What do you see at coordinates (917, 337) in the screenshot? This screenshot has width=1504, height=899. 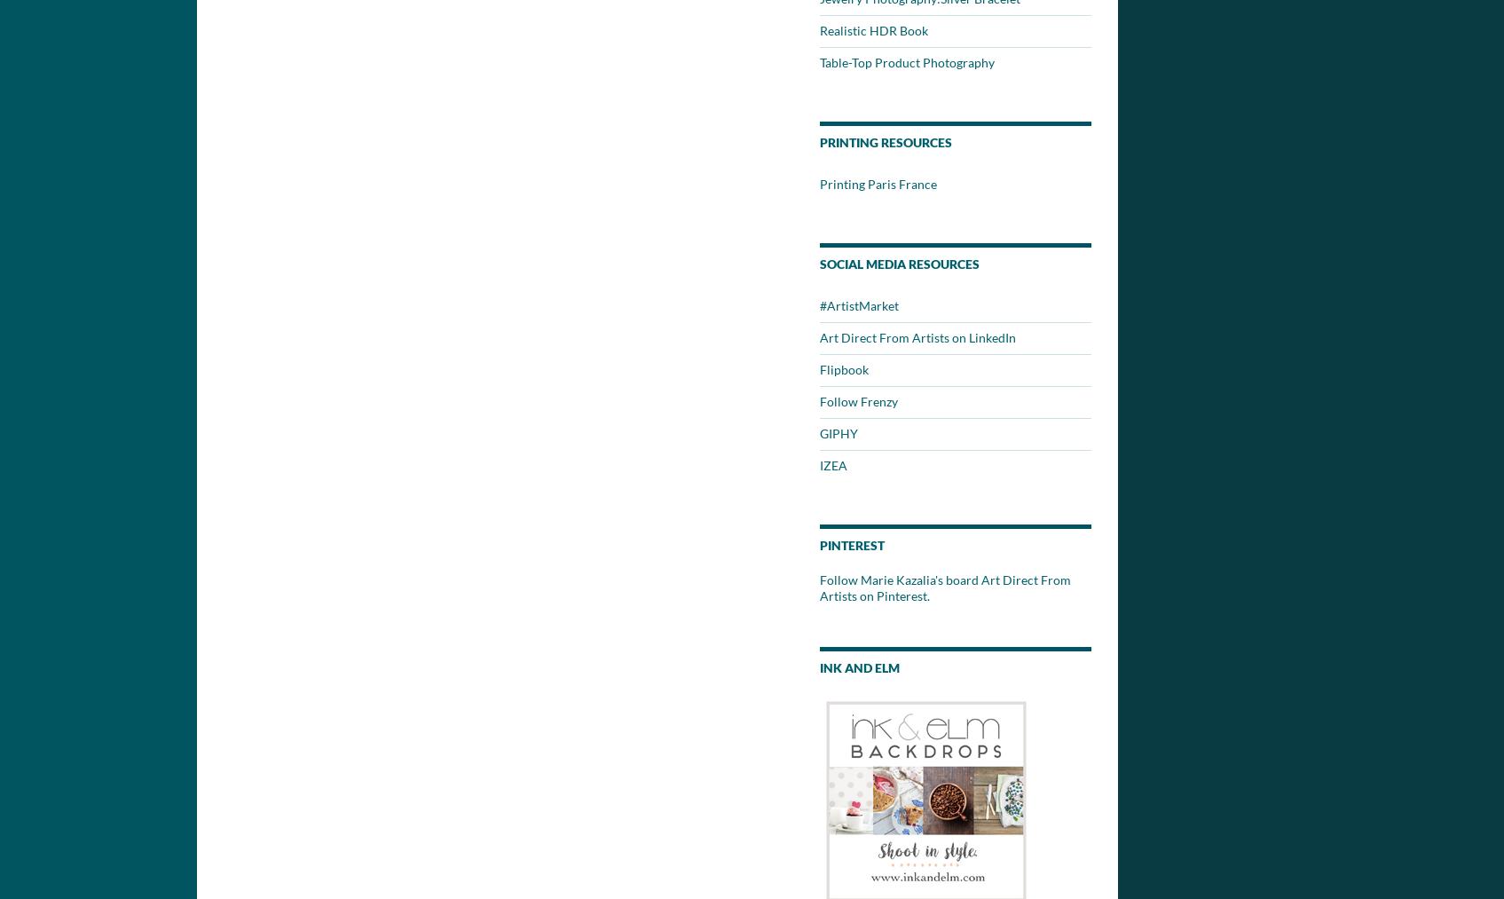 I see `'Art Direct From Artists on LinkedIn'` at bounding box center [917, 337].